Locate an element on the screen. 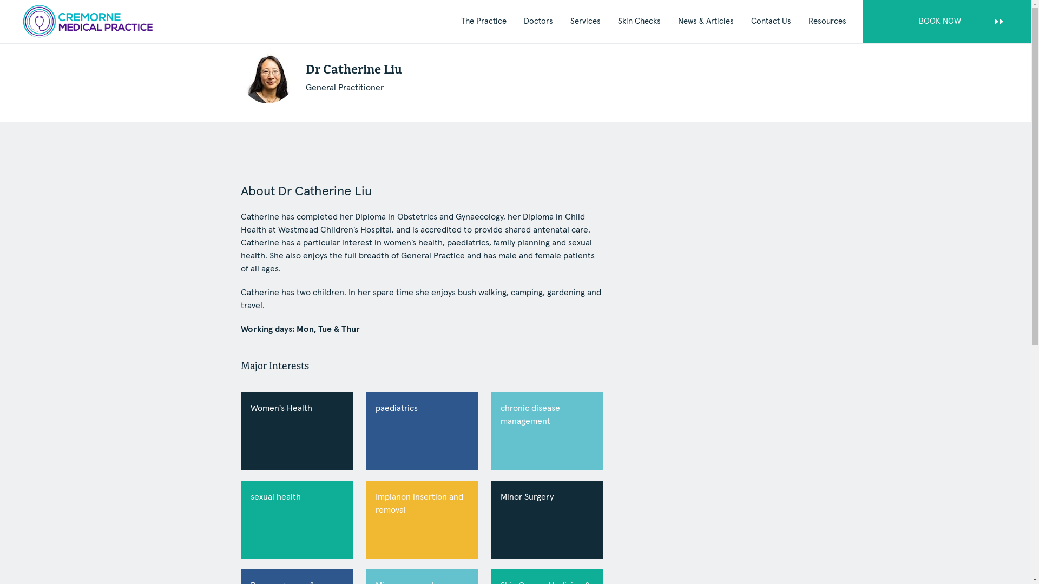  'BOOK NOW' is located at coordinates (946, 21).